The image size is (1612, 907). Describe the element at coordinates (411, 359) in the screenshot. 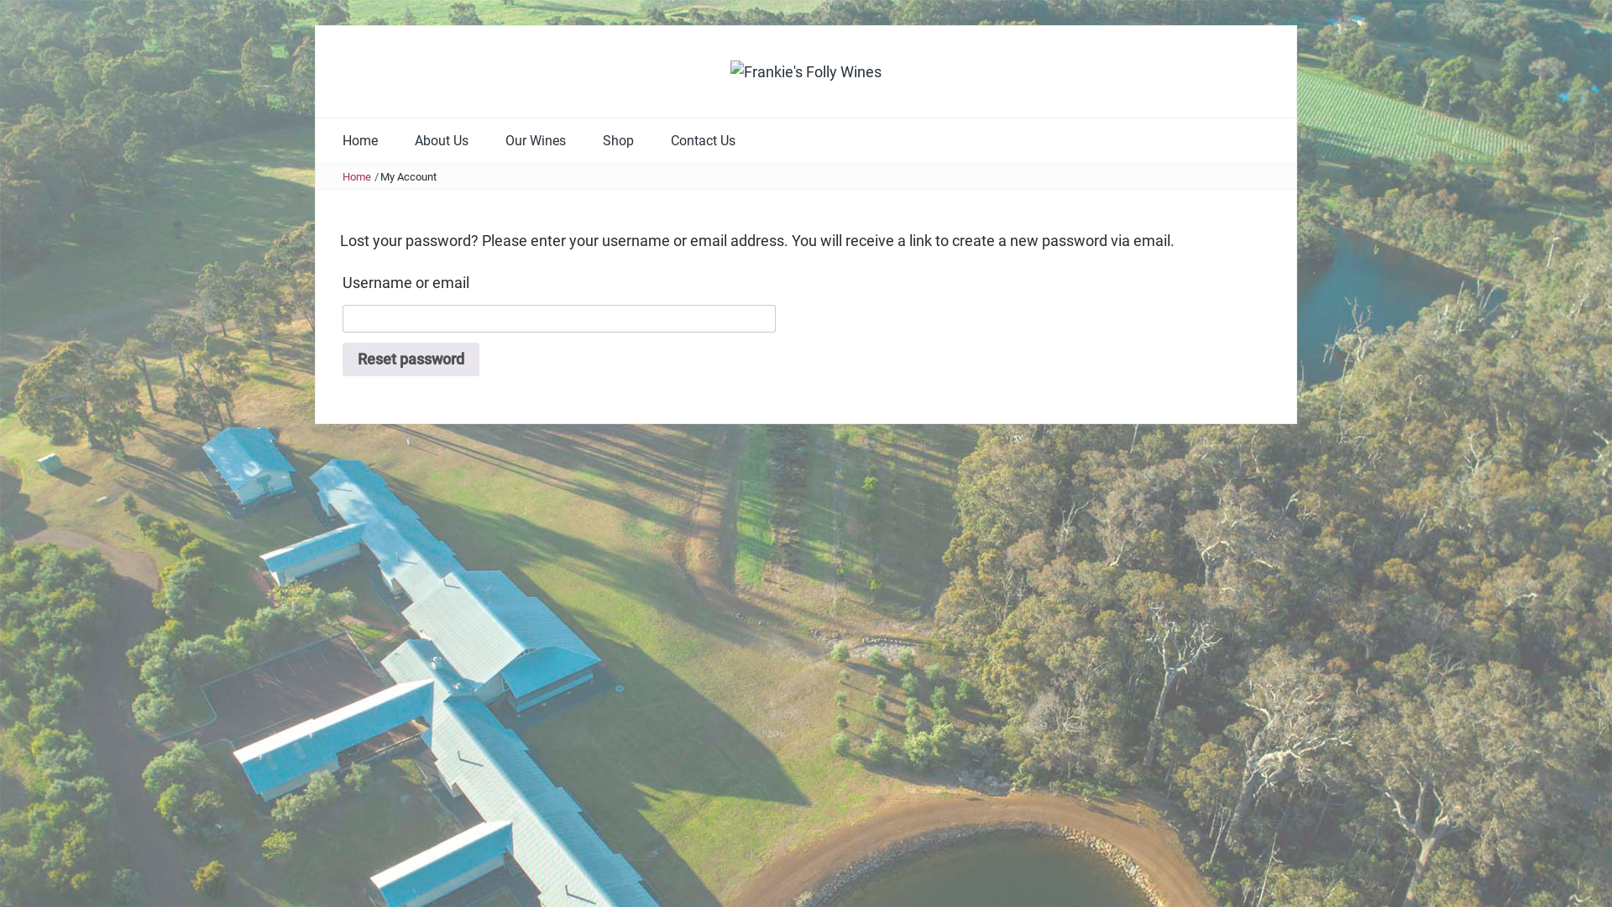

I see `'Reset password'` at that location.